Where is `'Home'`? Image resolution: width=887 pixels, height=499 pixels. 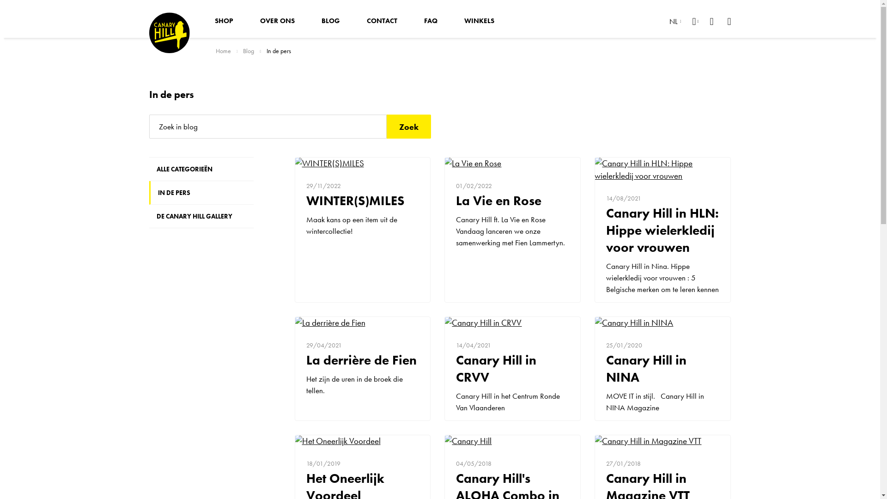 'Home' is located at coordinates (211, 51).